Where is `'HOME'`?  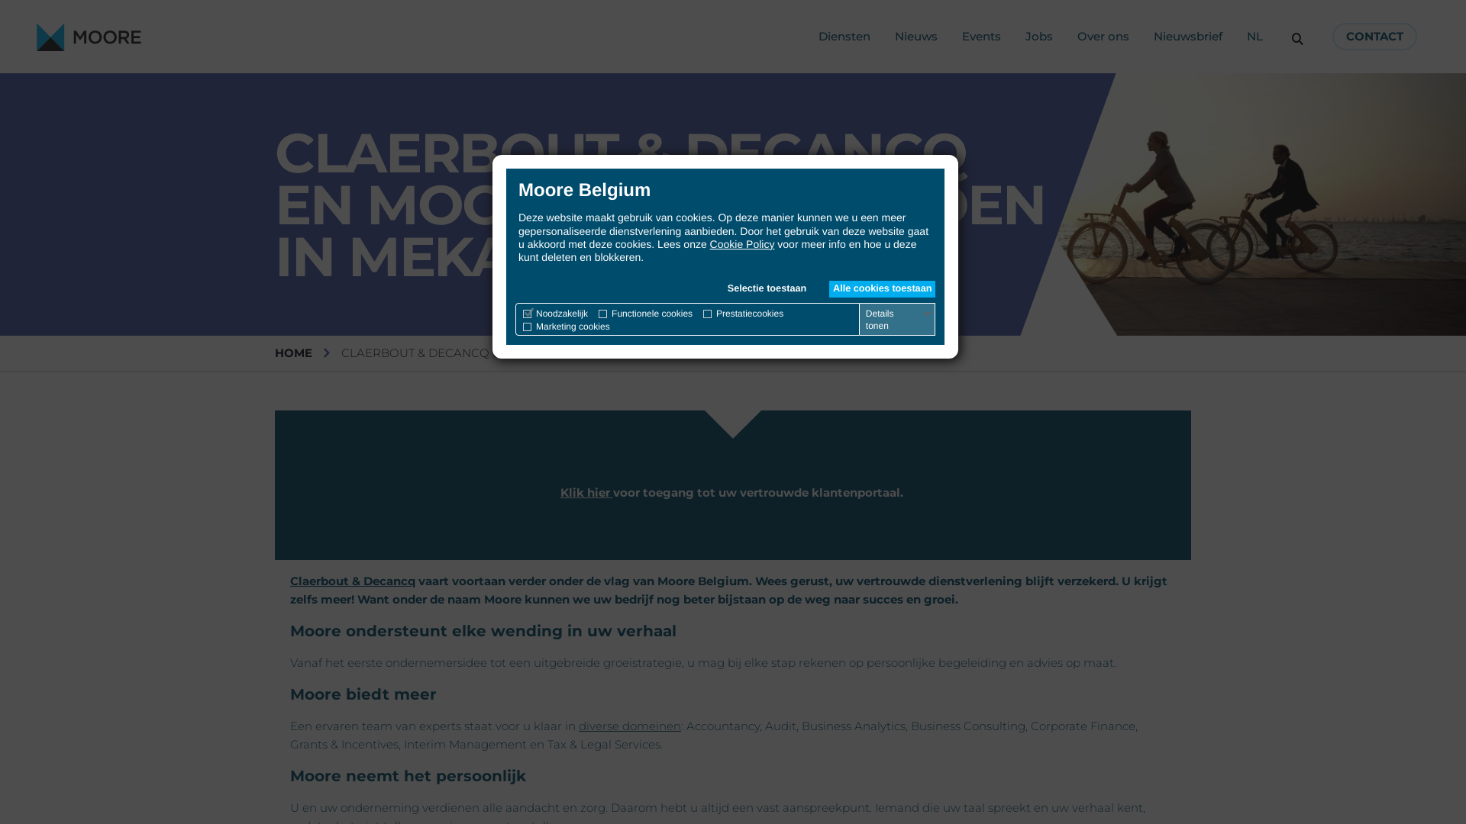
'HOME' is located at coordinates (293, 352).